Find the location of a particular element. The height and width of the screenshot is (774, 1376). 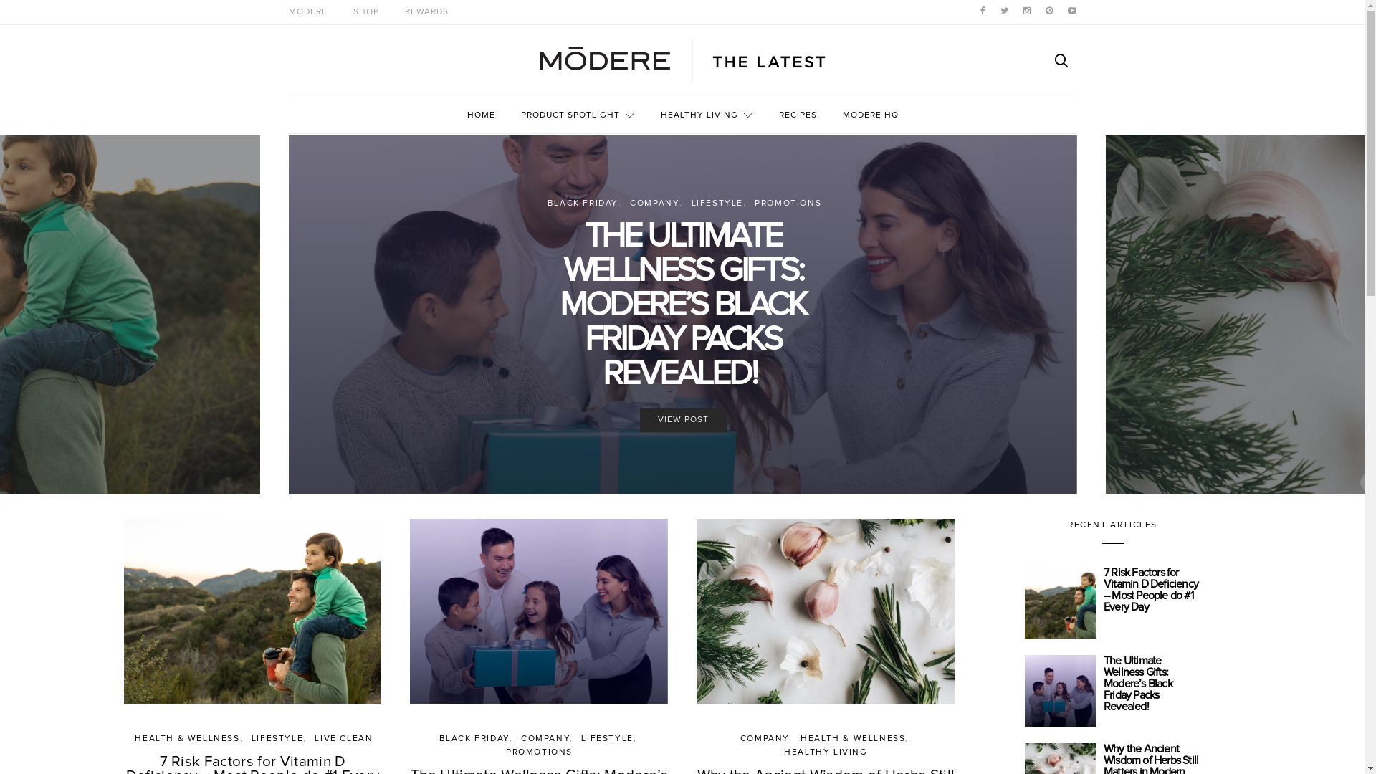

'PROMOTIONS' is located at coordinates (538, 751).